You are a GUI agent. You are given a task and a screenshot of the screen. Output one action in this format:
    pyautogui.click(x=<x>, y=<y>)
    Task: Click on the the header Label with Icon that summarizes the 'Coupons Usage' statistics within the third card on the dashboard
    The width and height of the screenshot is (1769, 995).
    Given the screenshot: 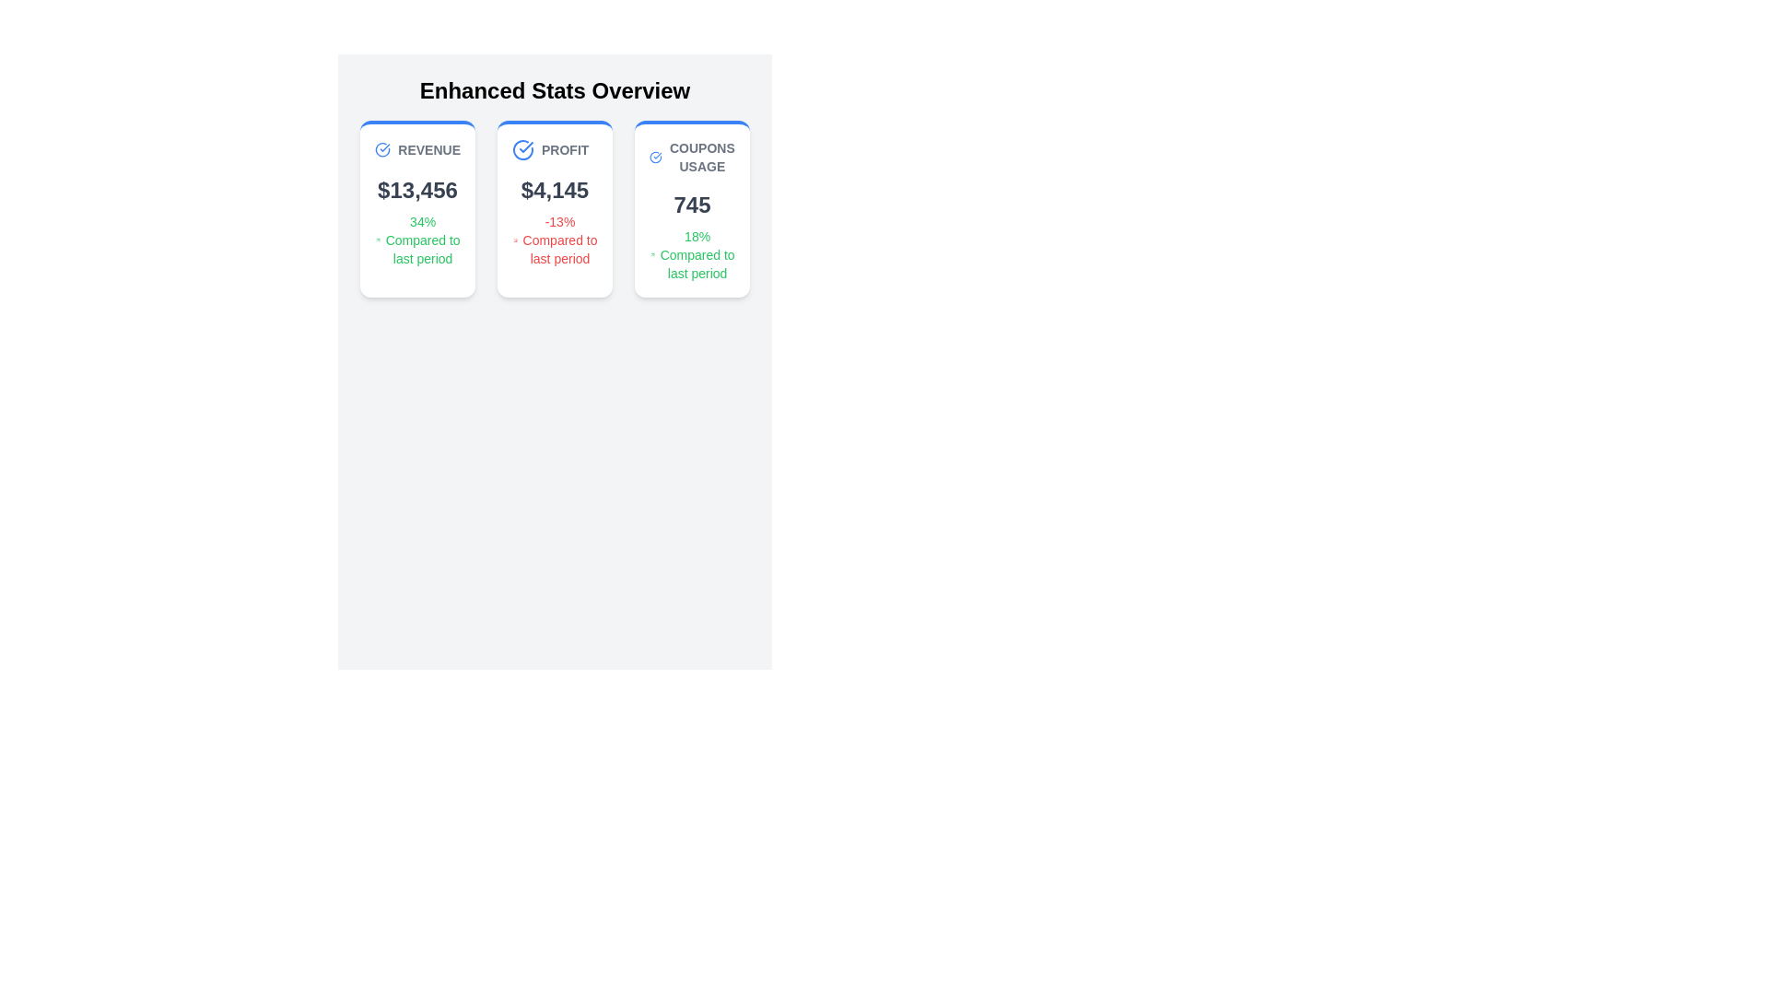 What is the action you would take?
    pyautogui.click(x=691, y=156)
    